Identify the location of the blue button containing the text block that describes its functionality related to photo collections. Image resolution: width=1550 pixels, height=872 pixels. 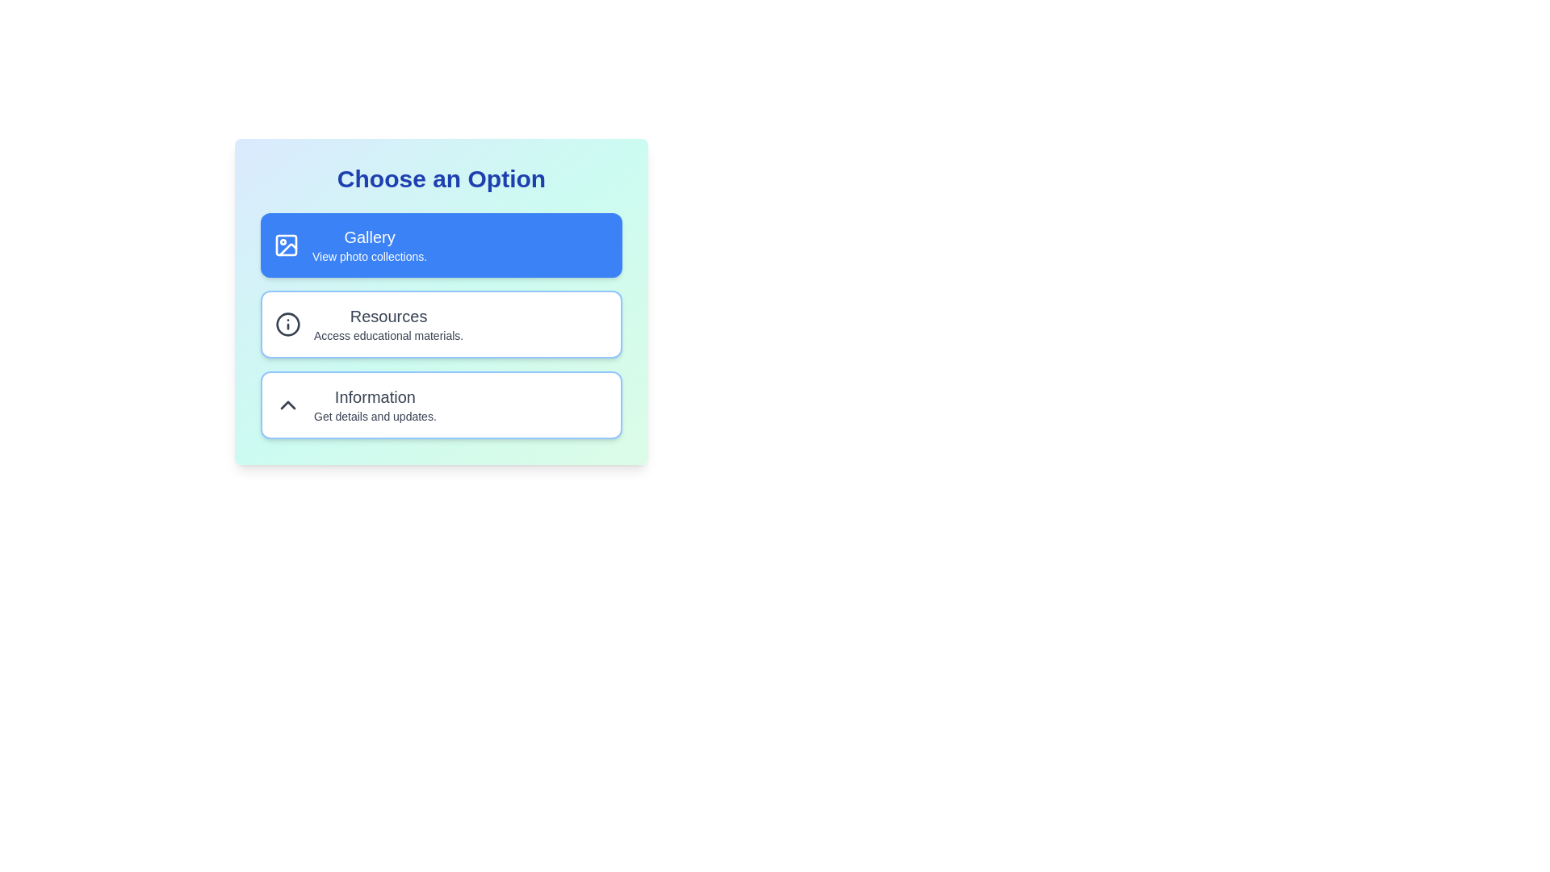
(368, 245).